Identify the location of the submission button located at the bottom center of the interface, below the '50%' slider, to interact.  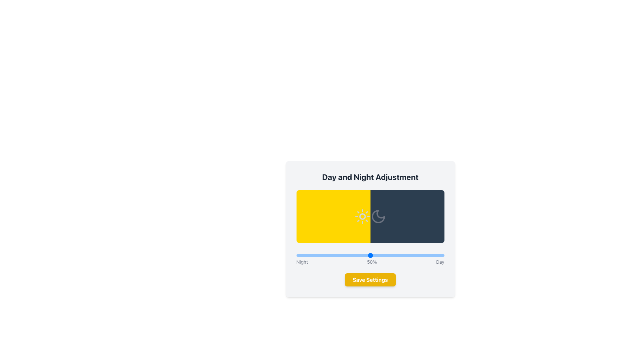
(370, 280).